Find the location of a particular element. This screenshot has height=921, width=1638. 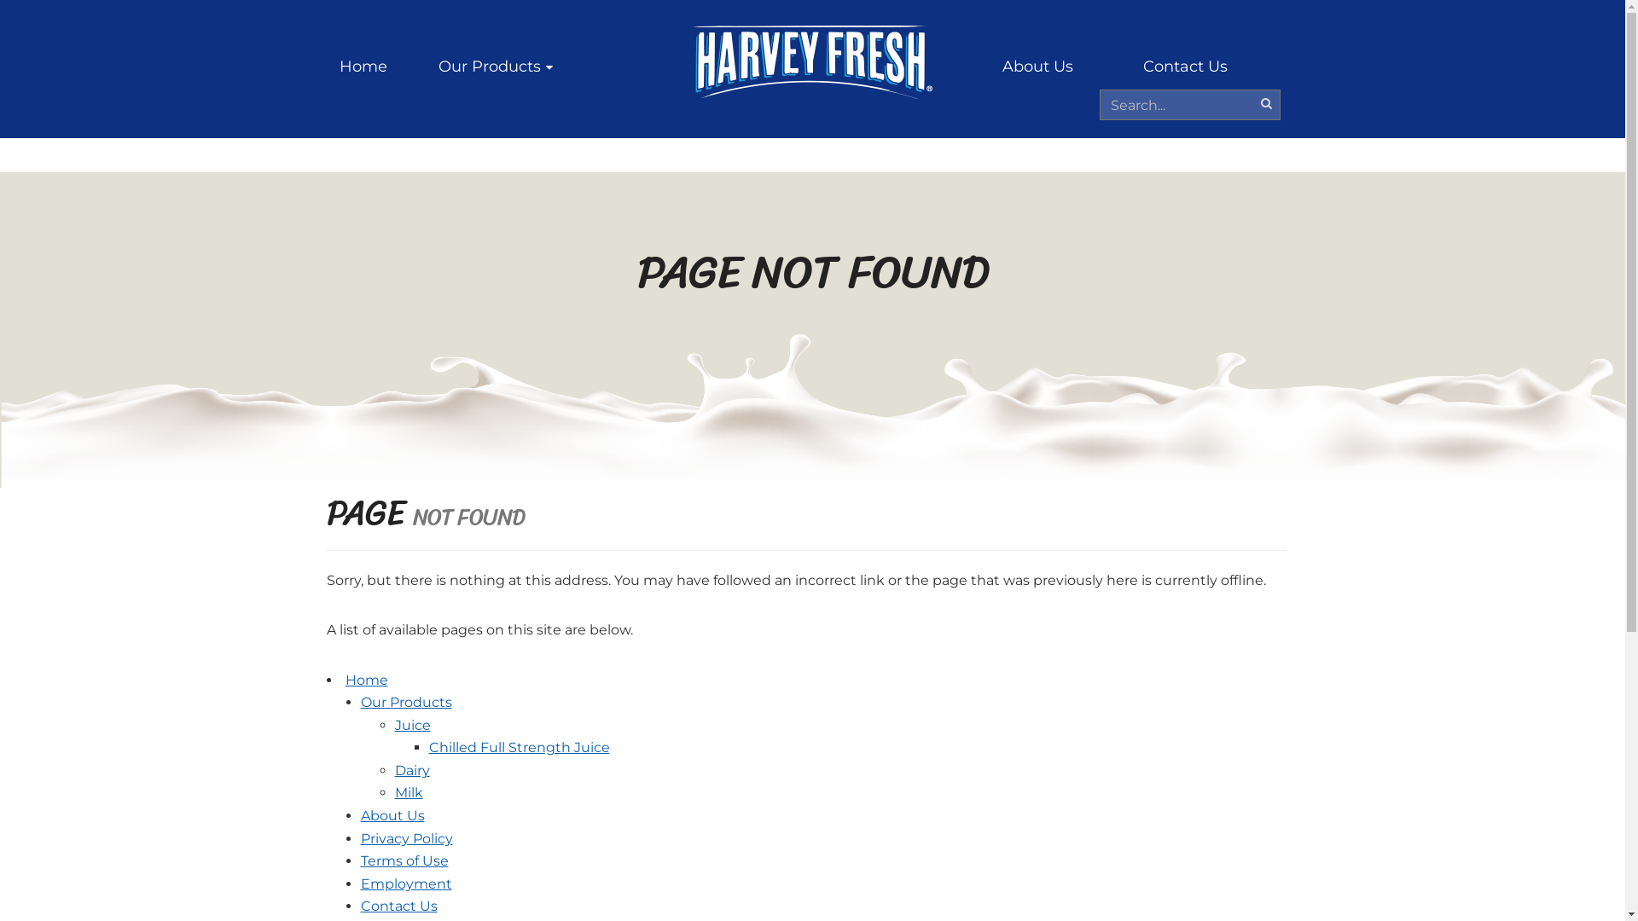

'Our Products' is located at coordinates (494, 66).